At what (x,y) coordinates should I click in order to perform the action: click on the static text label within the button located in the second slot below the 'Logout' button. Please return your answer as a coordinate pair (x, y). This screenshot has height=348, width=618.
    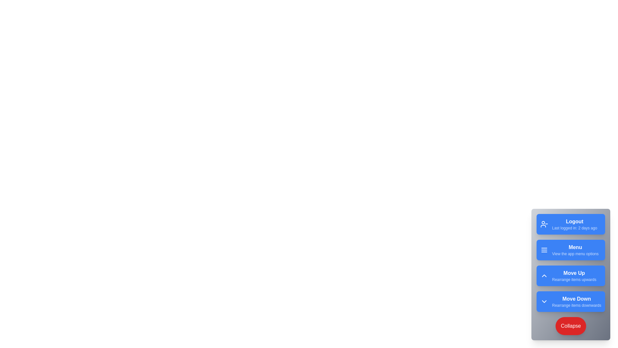
    Looking at the image, I should click on (575, 247).